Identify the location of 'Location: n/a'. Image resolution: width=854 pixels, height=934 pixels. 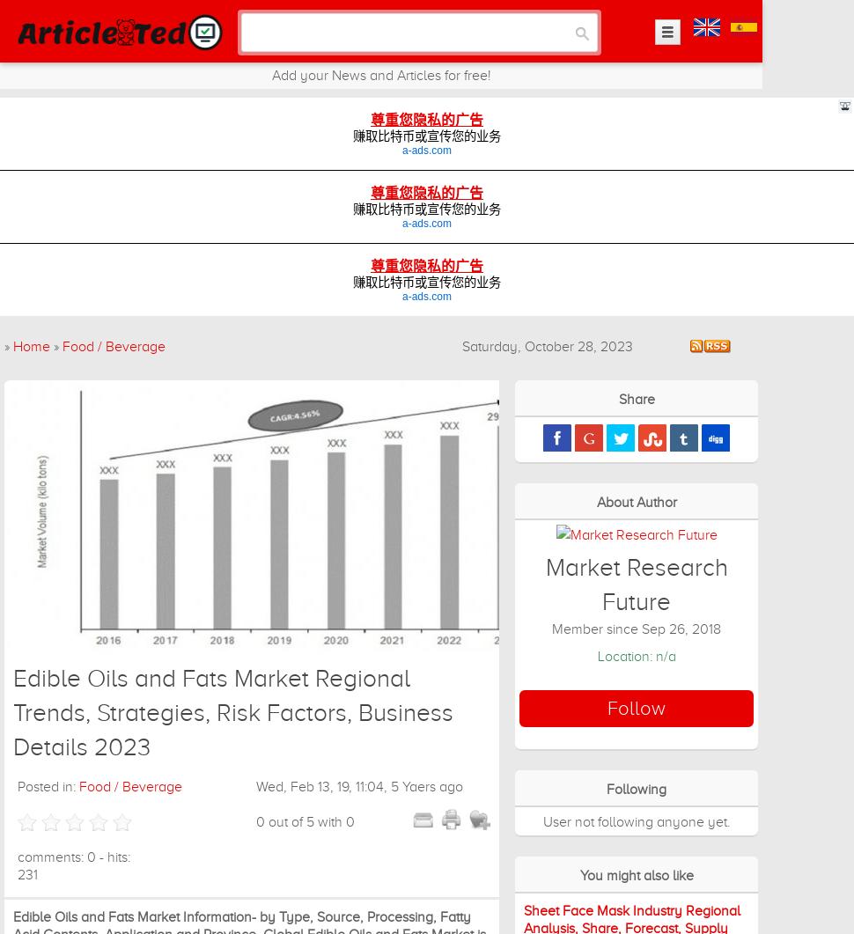
(636, 656).